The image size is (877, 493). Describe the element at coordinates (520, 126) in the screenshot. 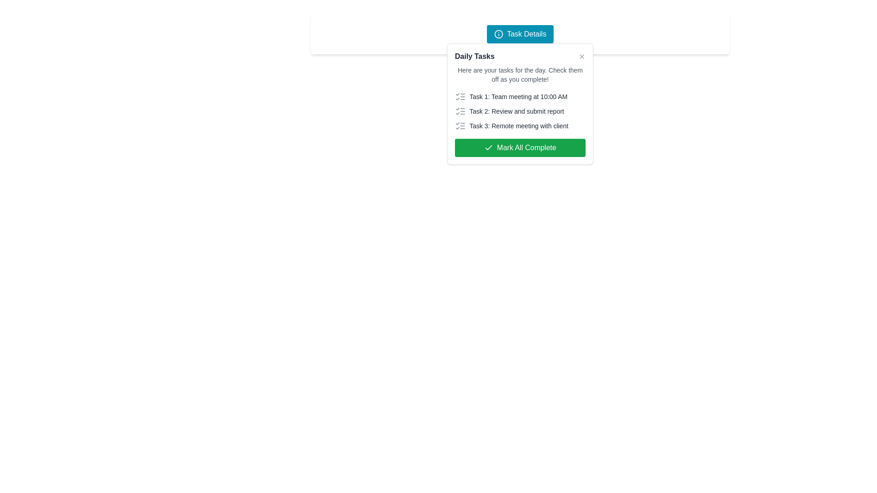

I see `the text label 'Task 3: Remote meeting with client' with a checklist icon, which is the third item in the 'Daily Tasks' popup` at that location.